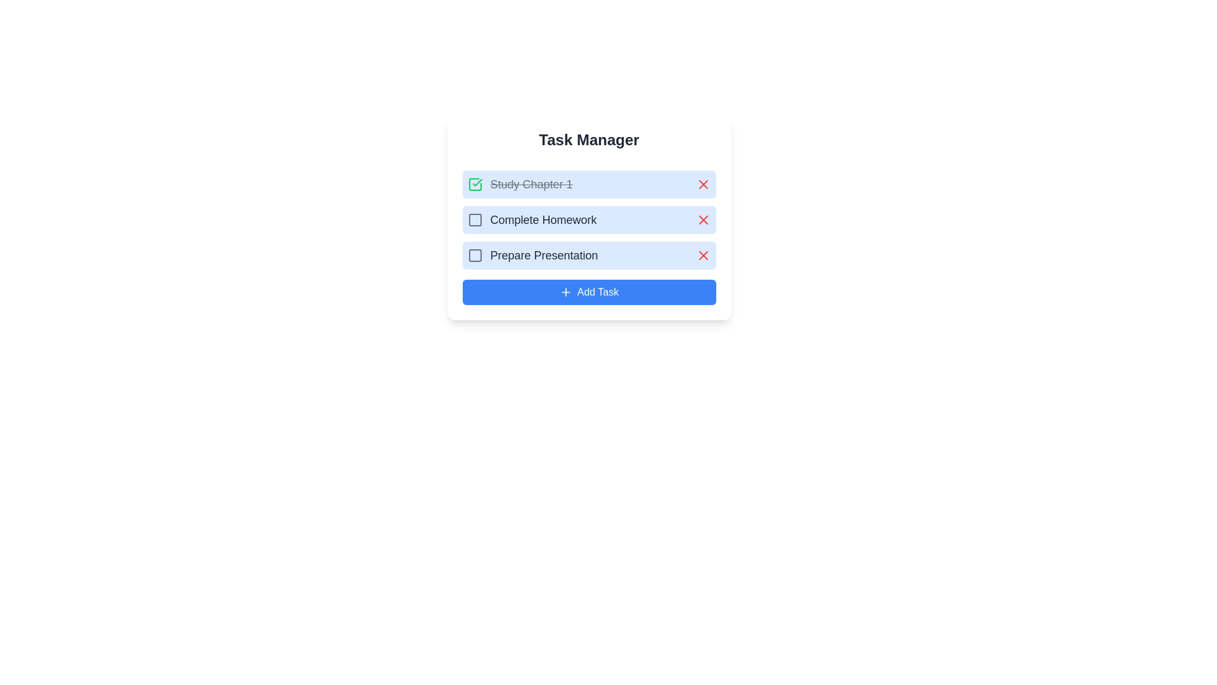  I want to click on the delete SVG Icon located to the right of the 'Complete Homework' task row in the Task Manager interface, so click(702, 219).